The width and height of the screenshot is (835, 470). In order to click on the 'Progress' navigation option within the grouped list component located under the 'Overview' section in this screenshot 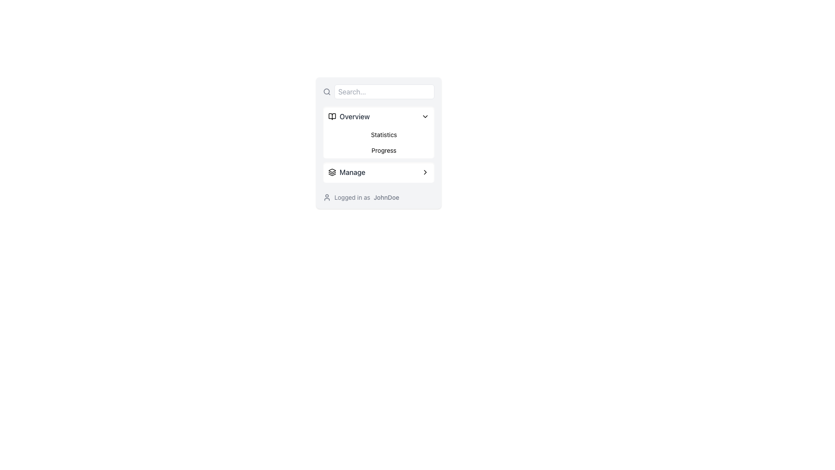, I will do `click(378, 142)`.